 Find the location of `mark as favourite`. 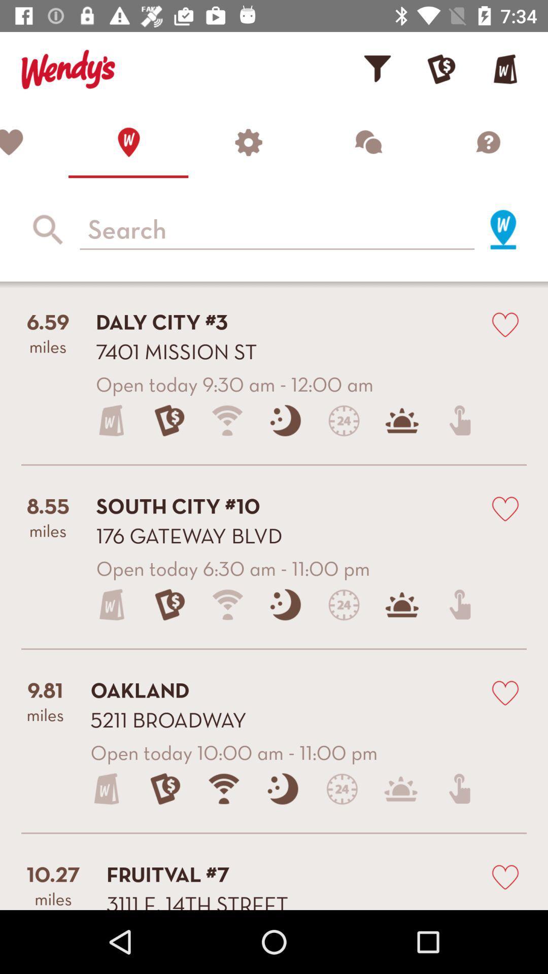

mark as favourite is located at coordinates (505, 508).